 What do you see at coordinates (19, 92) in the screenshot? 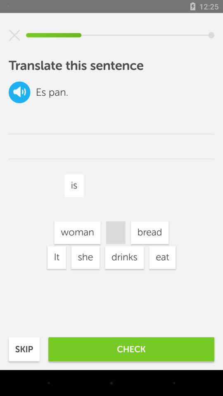
I see `the volume icon` at bounding box center [19, 92].